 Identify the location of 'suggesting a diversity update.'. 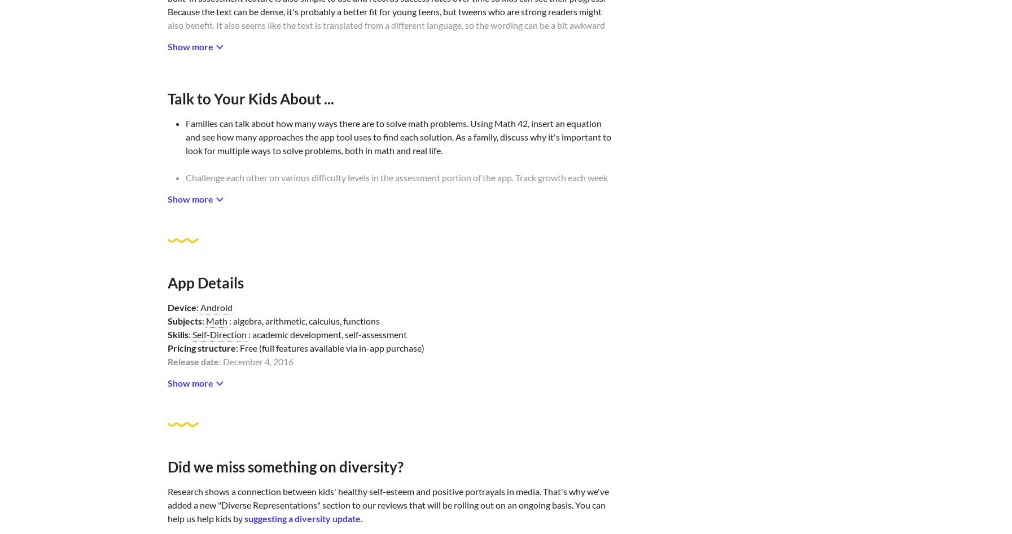
(303, 518).